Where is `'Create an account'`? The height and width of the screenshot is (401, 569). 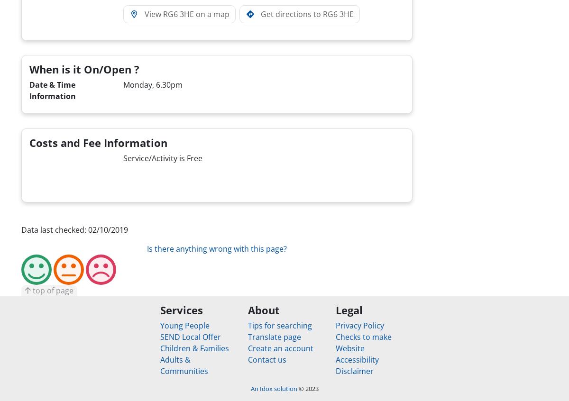 'Create an account' is located at coordinates (280, 348).